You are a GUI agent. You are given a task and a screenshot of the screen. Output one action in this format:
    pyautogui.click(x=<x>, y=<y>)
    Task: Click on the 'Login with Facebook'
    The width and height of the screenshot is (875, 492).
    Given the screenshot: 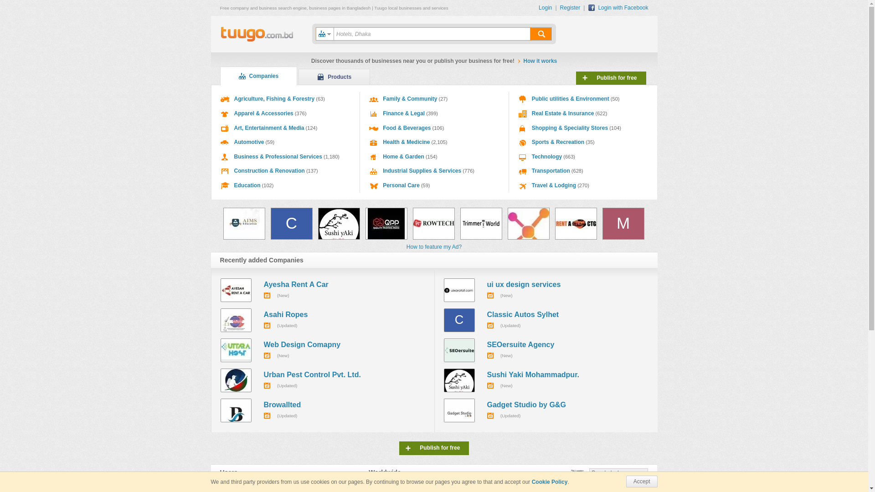 What is the action you would take?
    pyautogui.click(x=618, y=7)
    